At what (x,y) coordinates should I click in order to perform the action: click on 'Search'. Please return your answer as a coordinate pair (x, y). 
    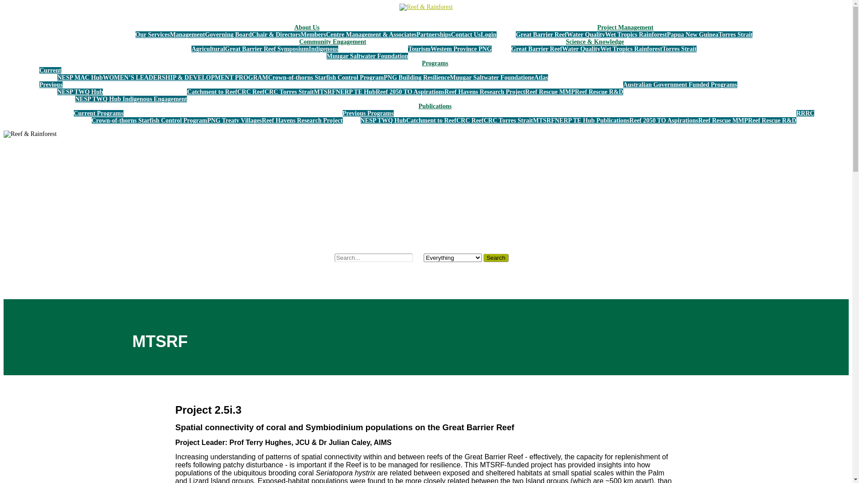
    Looking at the image, I should click on (495, 258).